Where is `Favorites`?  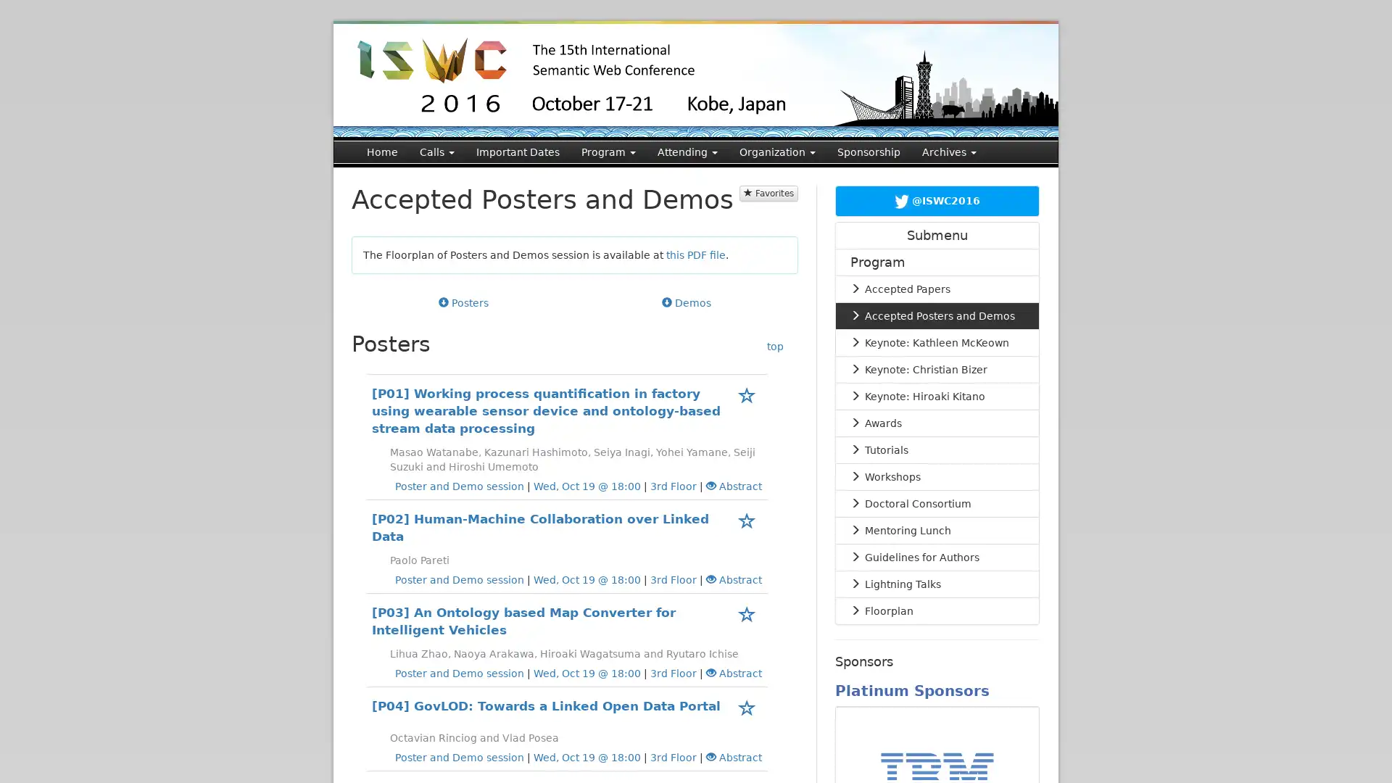
Favorites is located at coordinates (767, 192).